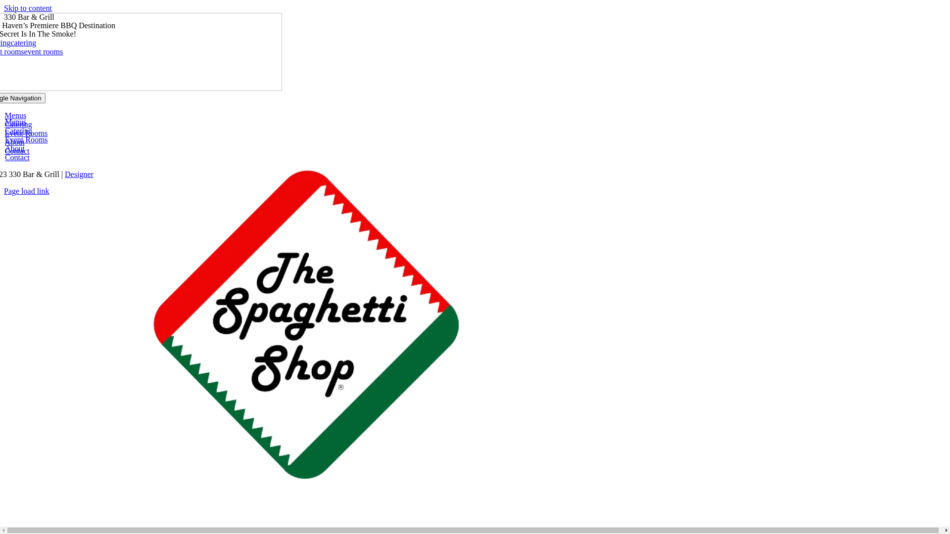 This screenshot has width=950, height=534. I want to click on 'Contact', so click(17, 151).